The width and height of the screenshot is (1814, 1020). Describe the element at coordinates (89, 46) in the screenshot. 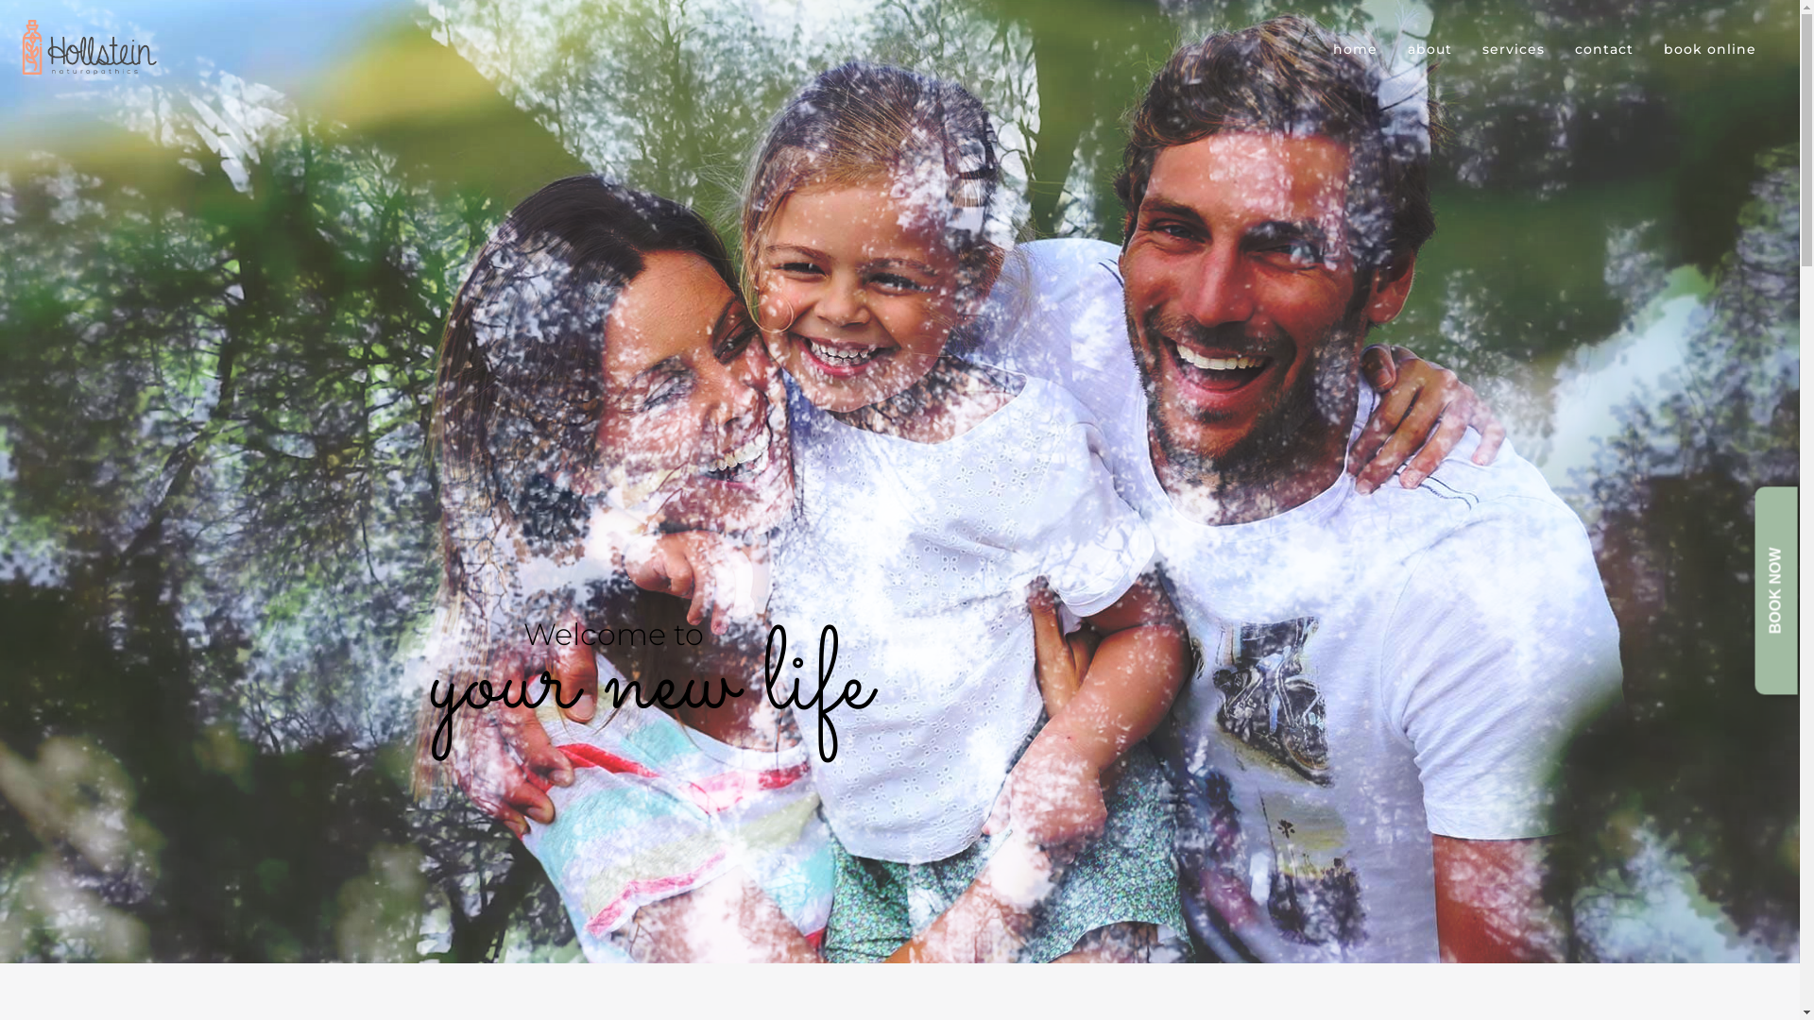

I see `'Reconnect Naturopathy'` at that location.